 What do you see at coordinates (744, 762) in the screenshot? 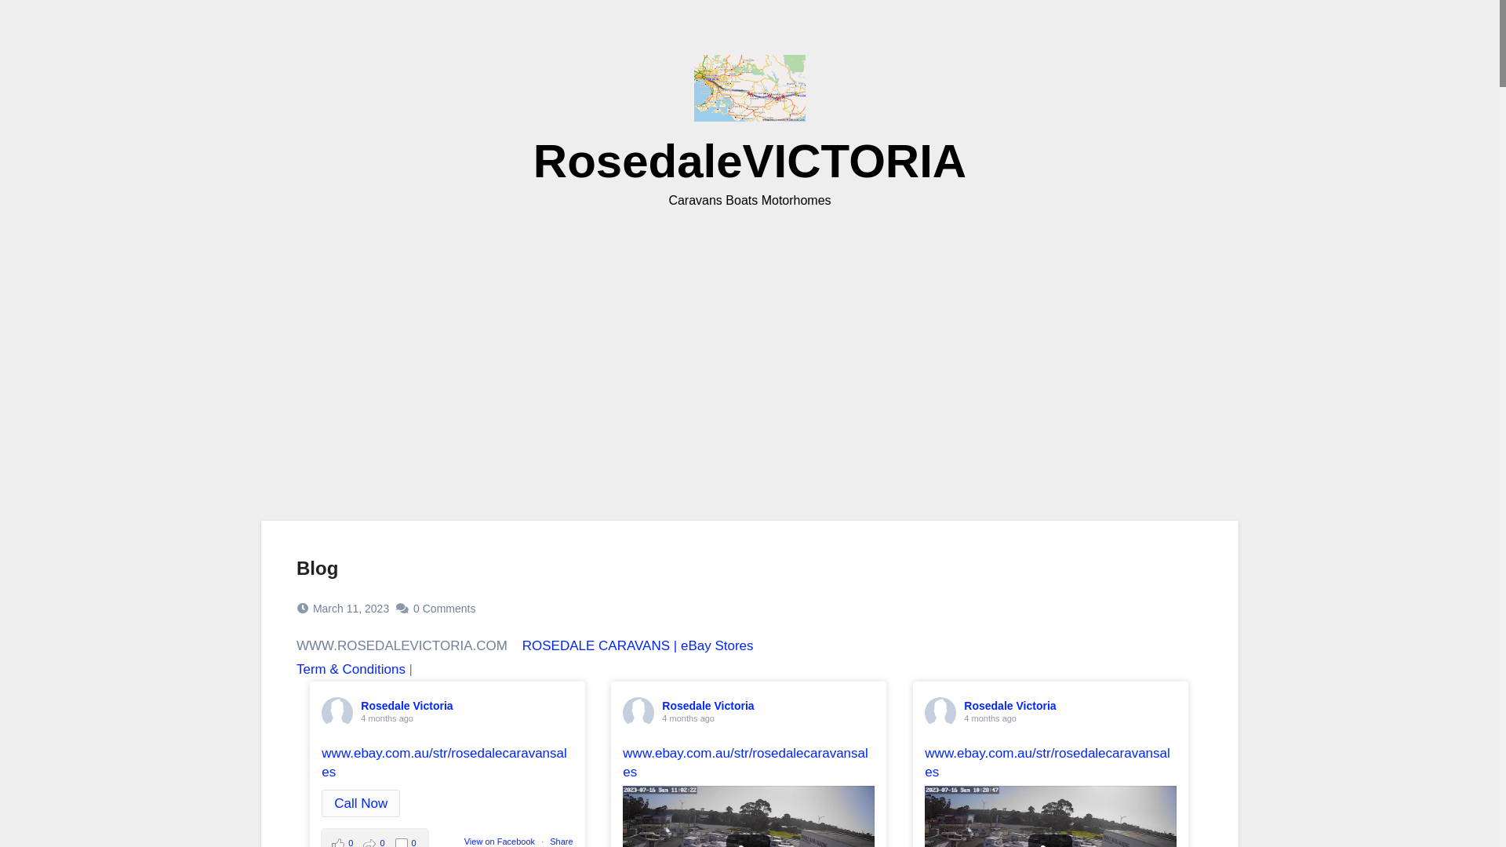
I see `'www.ebay.com.au/str/rosedalecaravansales'` at bounding box center [744, 762].